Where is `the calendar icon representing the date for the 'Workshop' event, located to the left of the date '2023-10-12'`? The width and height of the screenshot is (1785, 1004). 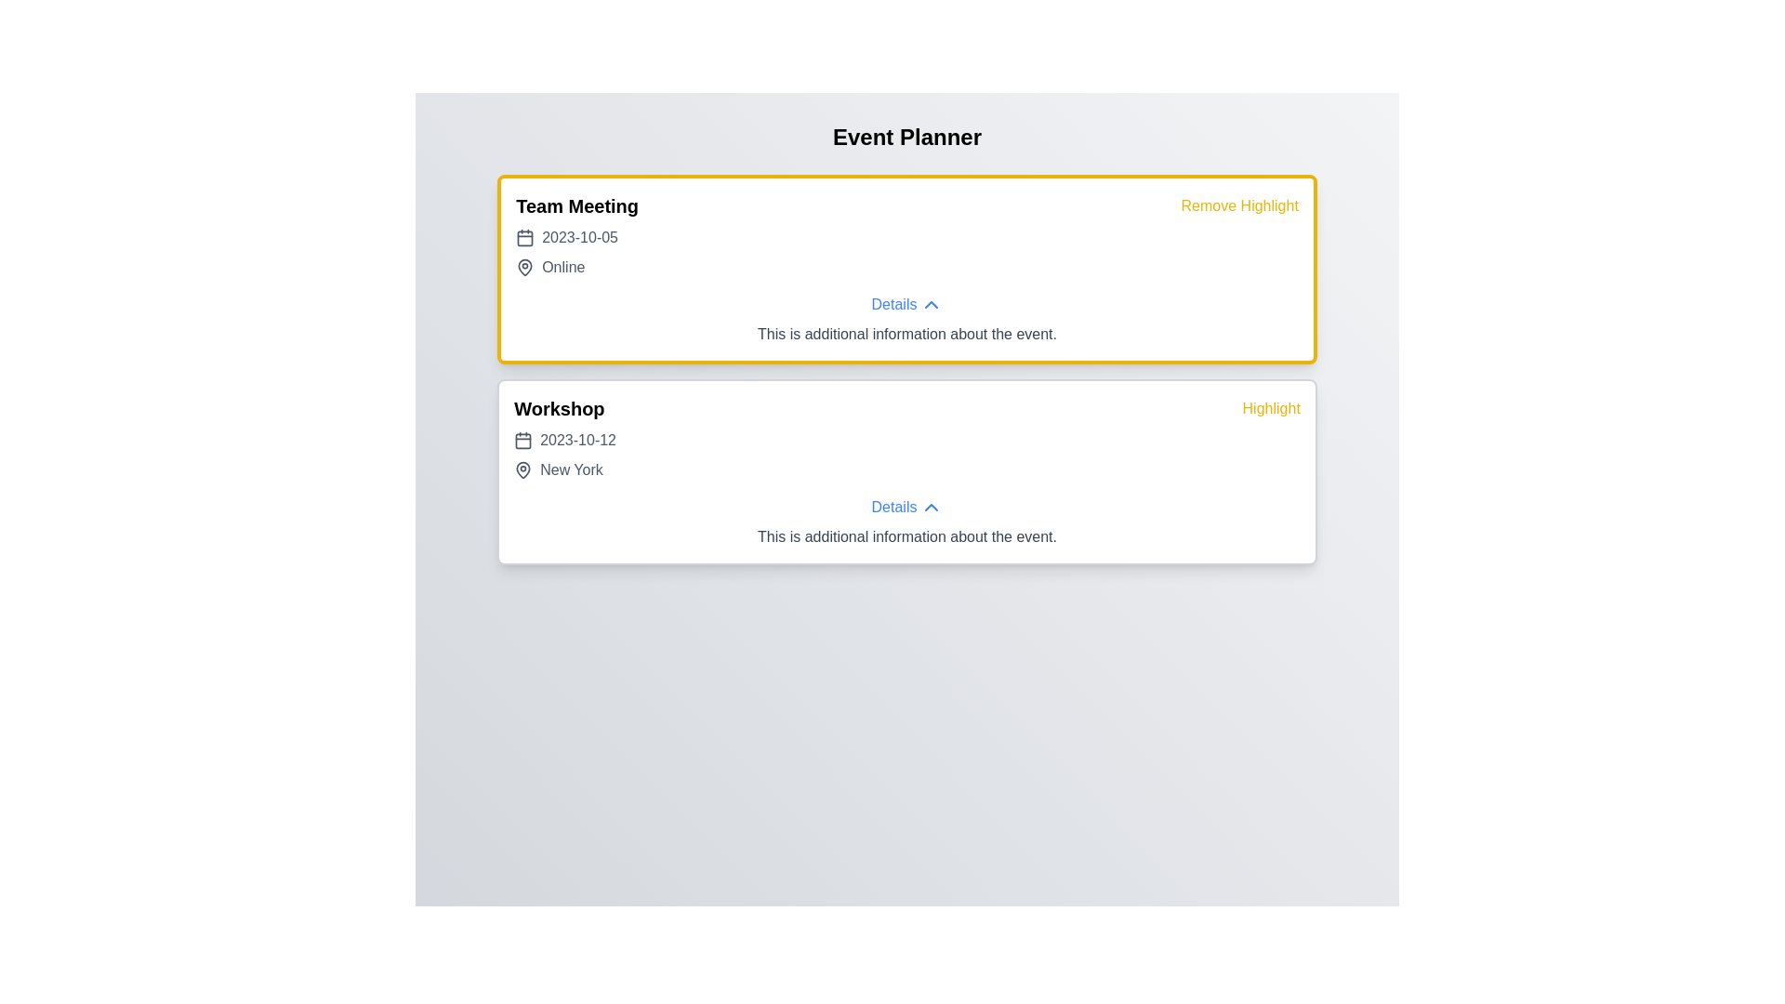 the calendar icon representing the date for the 'Workshop' event, located to the left of the date '2023-10-12' is located at coordinates (522, 441).